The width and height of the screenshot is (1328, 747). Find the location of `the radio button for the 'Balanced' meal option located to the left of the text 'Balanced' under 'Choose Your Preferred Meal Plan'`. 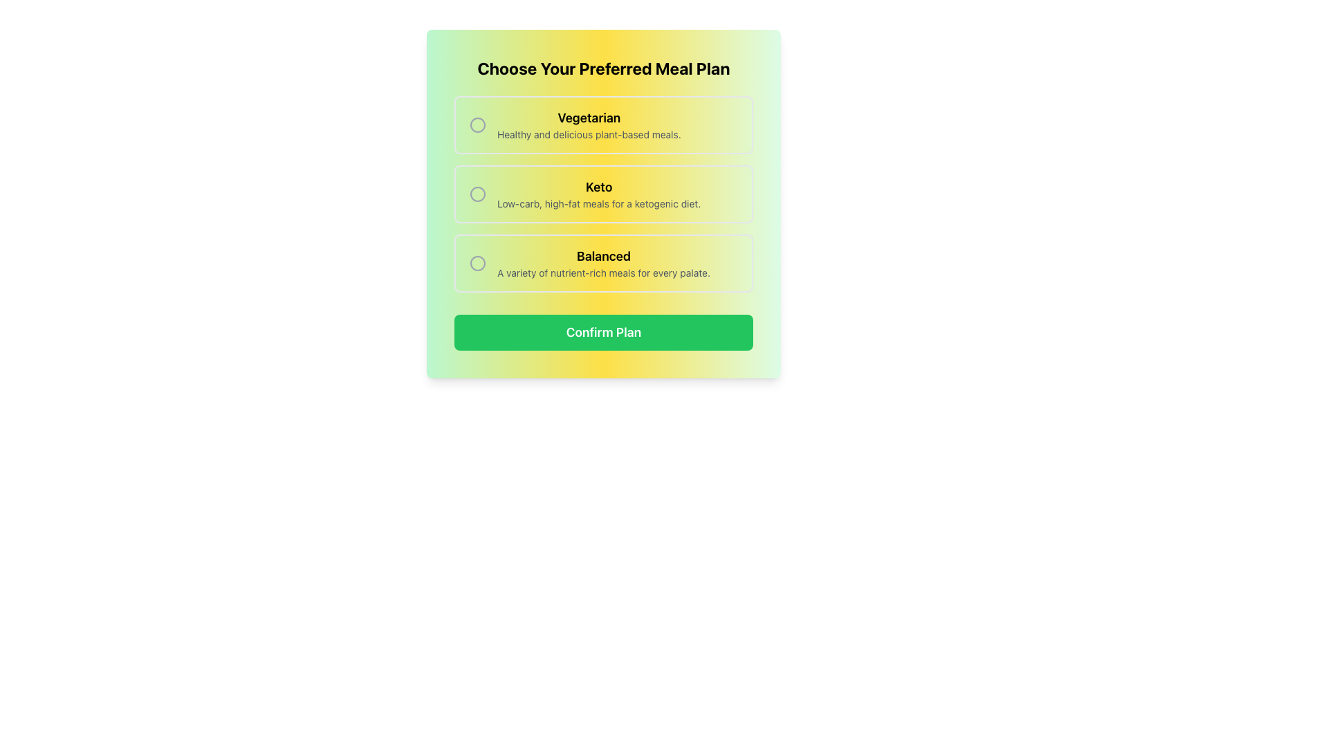

the radio button for the 'Balanced' meal option located to the left of the text 'Balanced' under 'Choose Your Preferred Meal Plan' is located at coordinates (478, 264).